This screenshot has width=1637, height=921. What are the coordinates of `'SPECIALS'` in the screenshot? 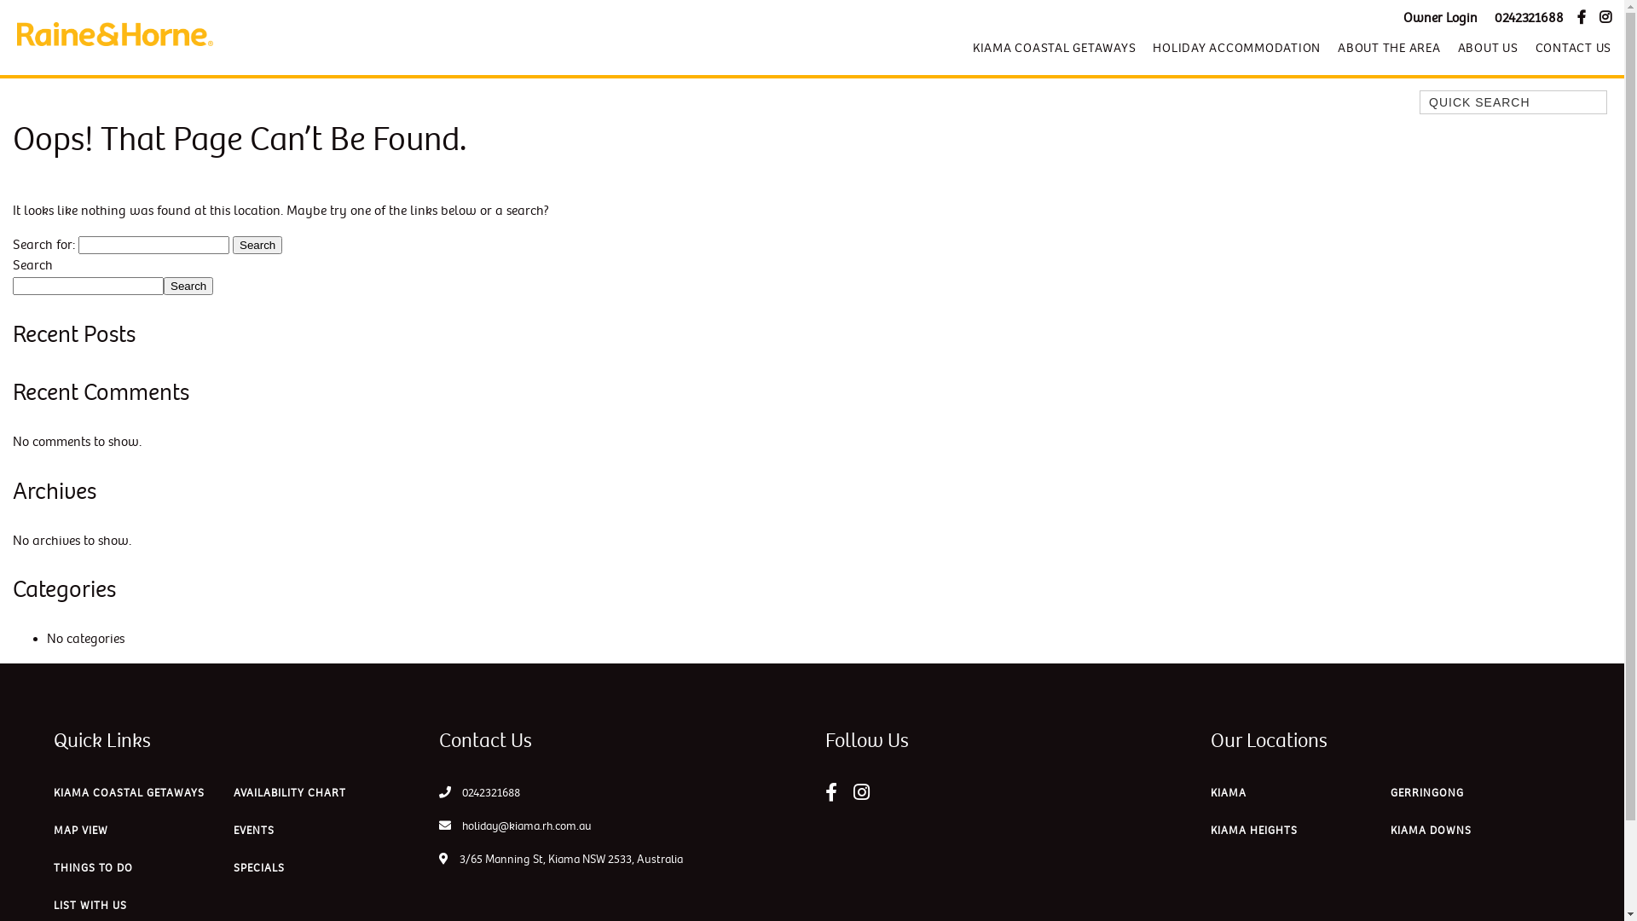 It's located at (232, 872).